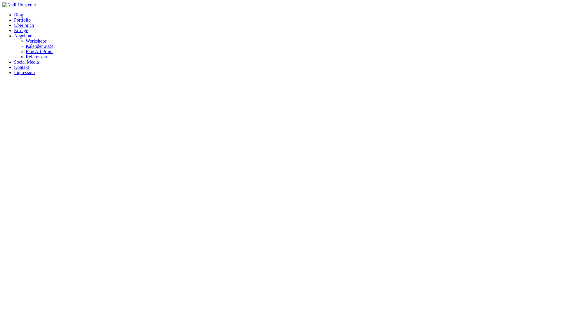 The height and width of the screenshot is (315, 561). What do you see at coordinates (18, 14) in the screenshot?
I see `'Blog'` at bounding box center [18, 14].